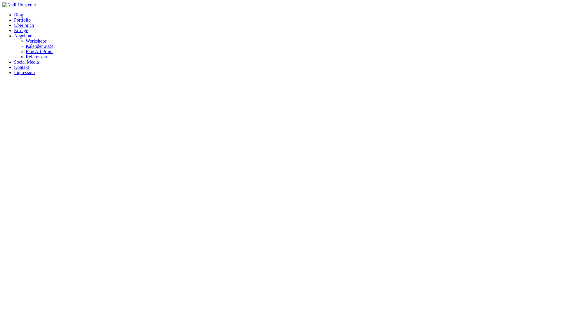 The height and width of the screenshot is (315, 561). What do you see at coordinates (18, 14) in the screenshot?
I see `'Blog'` at bounding box center [18, 14].